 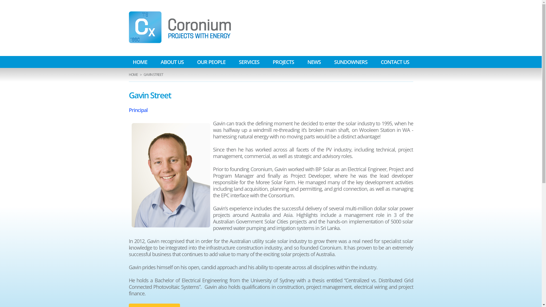 I want to click on 'ABOUT US', so click(x=171, y=62).